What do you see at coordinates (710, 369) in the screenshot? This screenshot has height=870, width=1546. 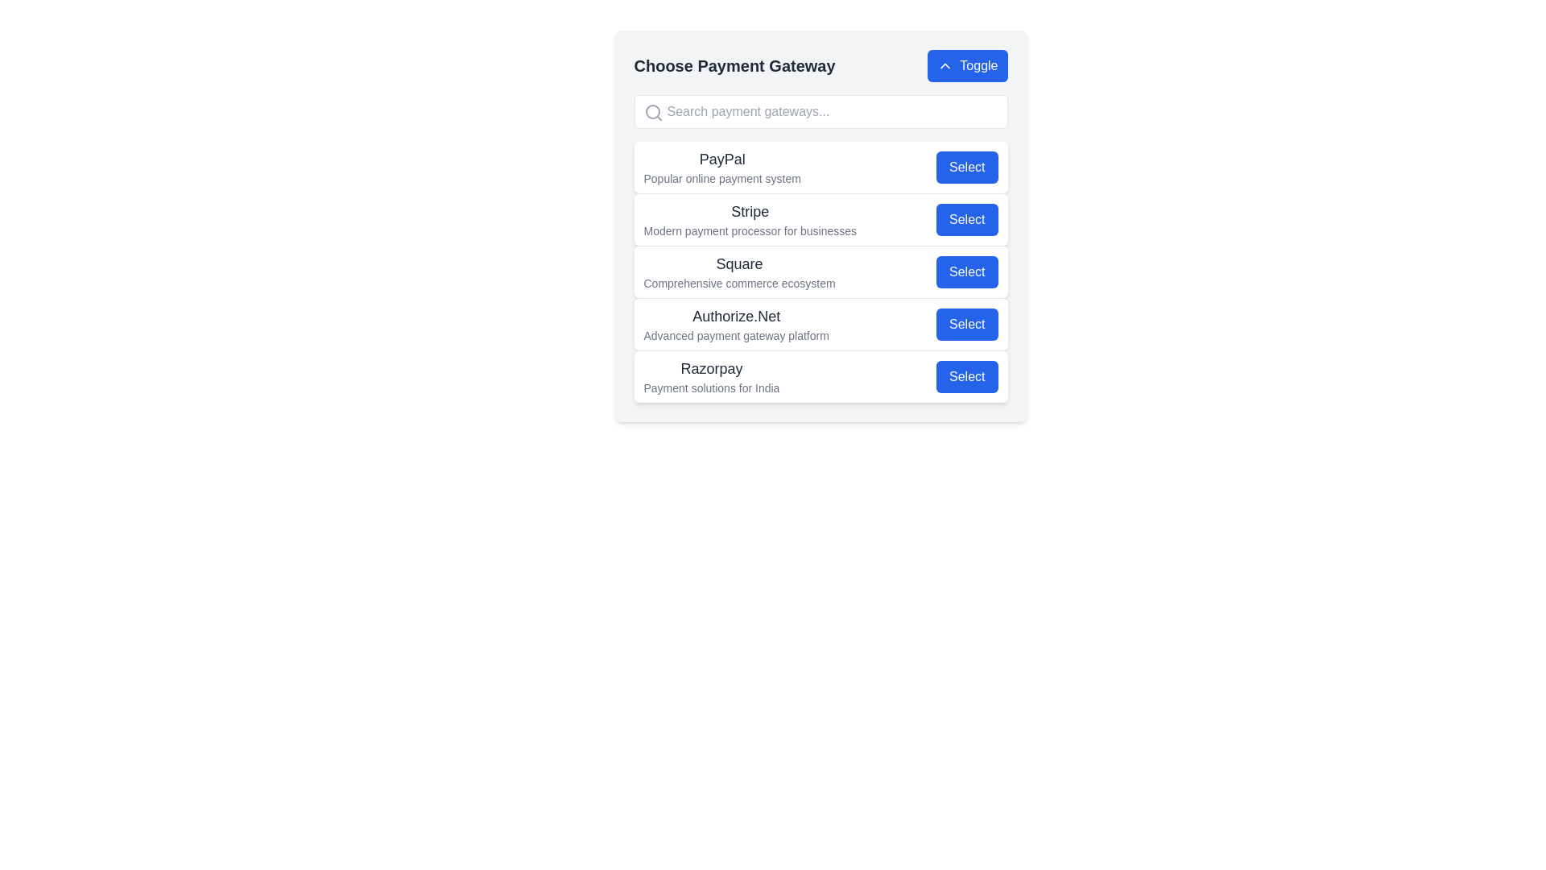 I see `the bolded text label 'Razorpay' that is displayed prominently above the description in the payment gateway options list` at bounding box center [710, 369].